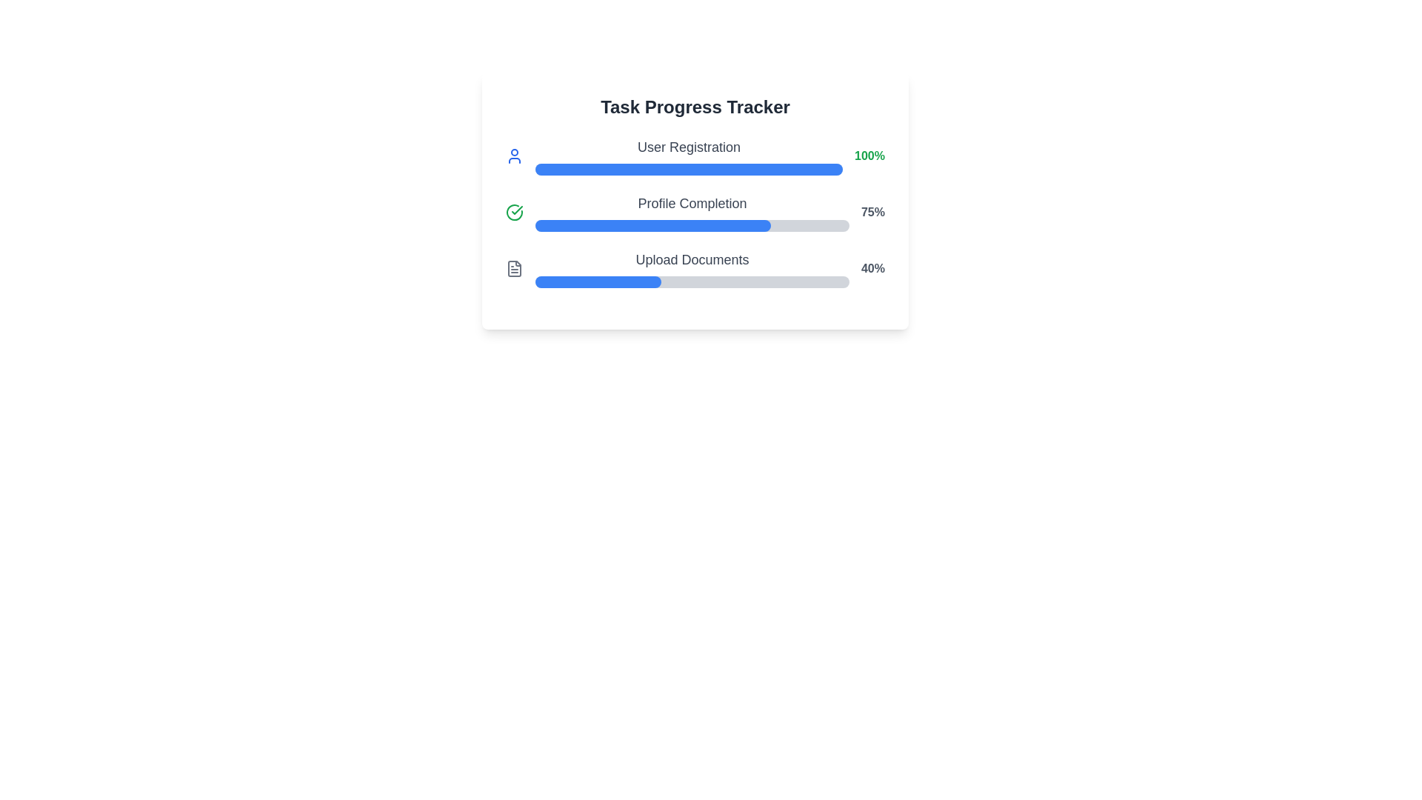  What do you see at coordinates (873, 212) in the screenshot?
I see `percentage value displayed in the text label indicating the progress of the 'Profile Completion' task, which is positioned to the right of the associated progress bar` at bounding box center [873, 212].